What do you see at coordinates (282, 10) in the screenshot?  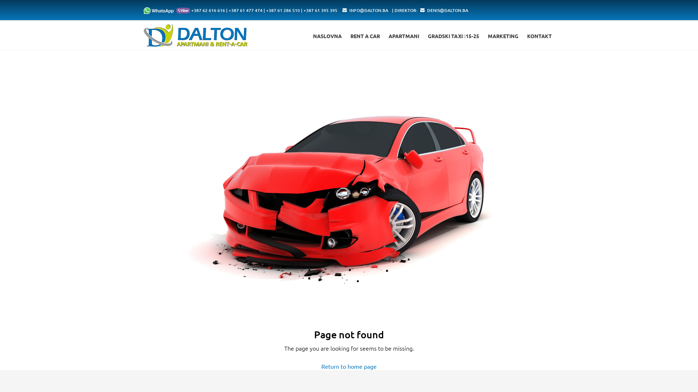 I see `'+387 61 286 510'` at bounding box center [282, 10].